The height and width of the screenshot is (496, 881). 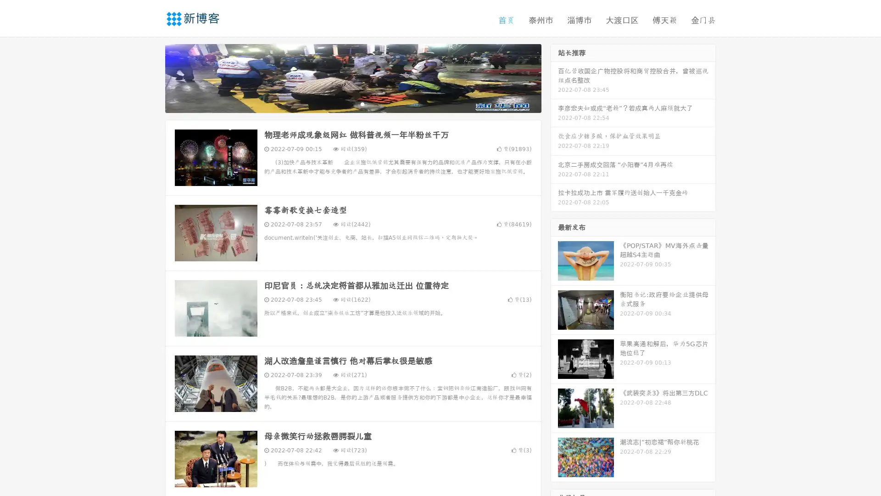 I want to click on Go to slide 1, so click(x=343, y=103).